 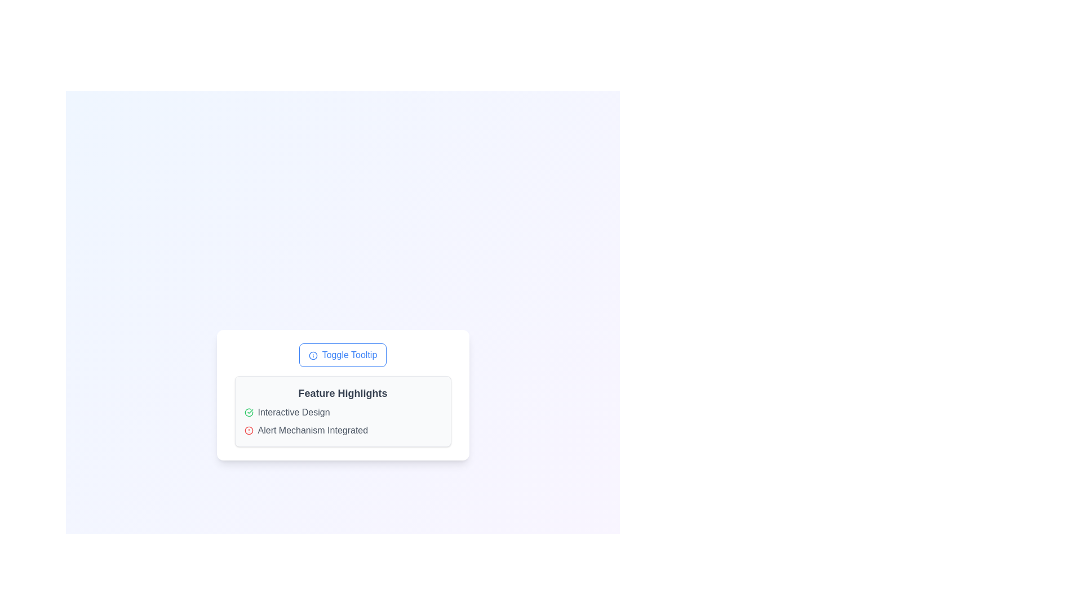 I want to click on the icon located to the left of the 'Toggle Tooltip' text within a button that has a blue border and rounded corners, so click(x=313, y=355).